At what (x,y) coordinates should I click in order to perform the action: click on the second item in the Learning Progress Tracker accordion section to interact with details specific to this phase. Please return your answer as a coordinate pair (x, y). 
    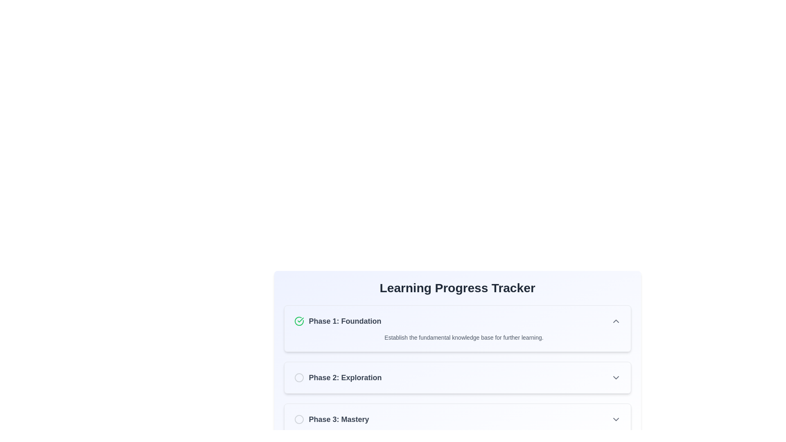
    Looking at the image, I should click on (457, 370).